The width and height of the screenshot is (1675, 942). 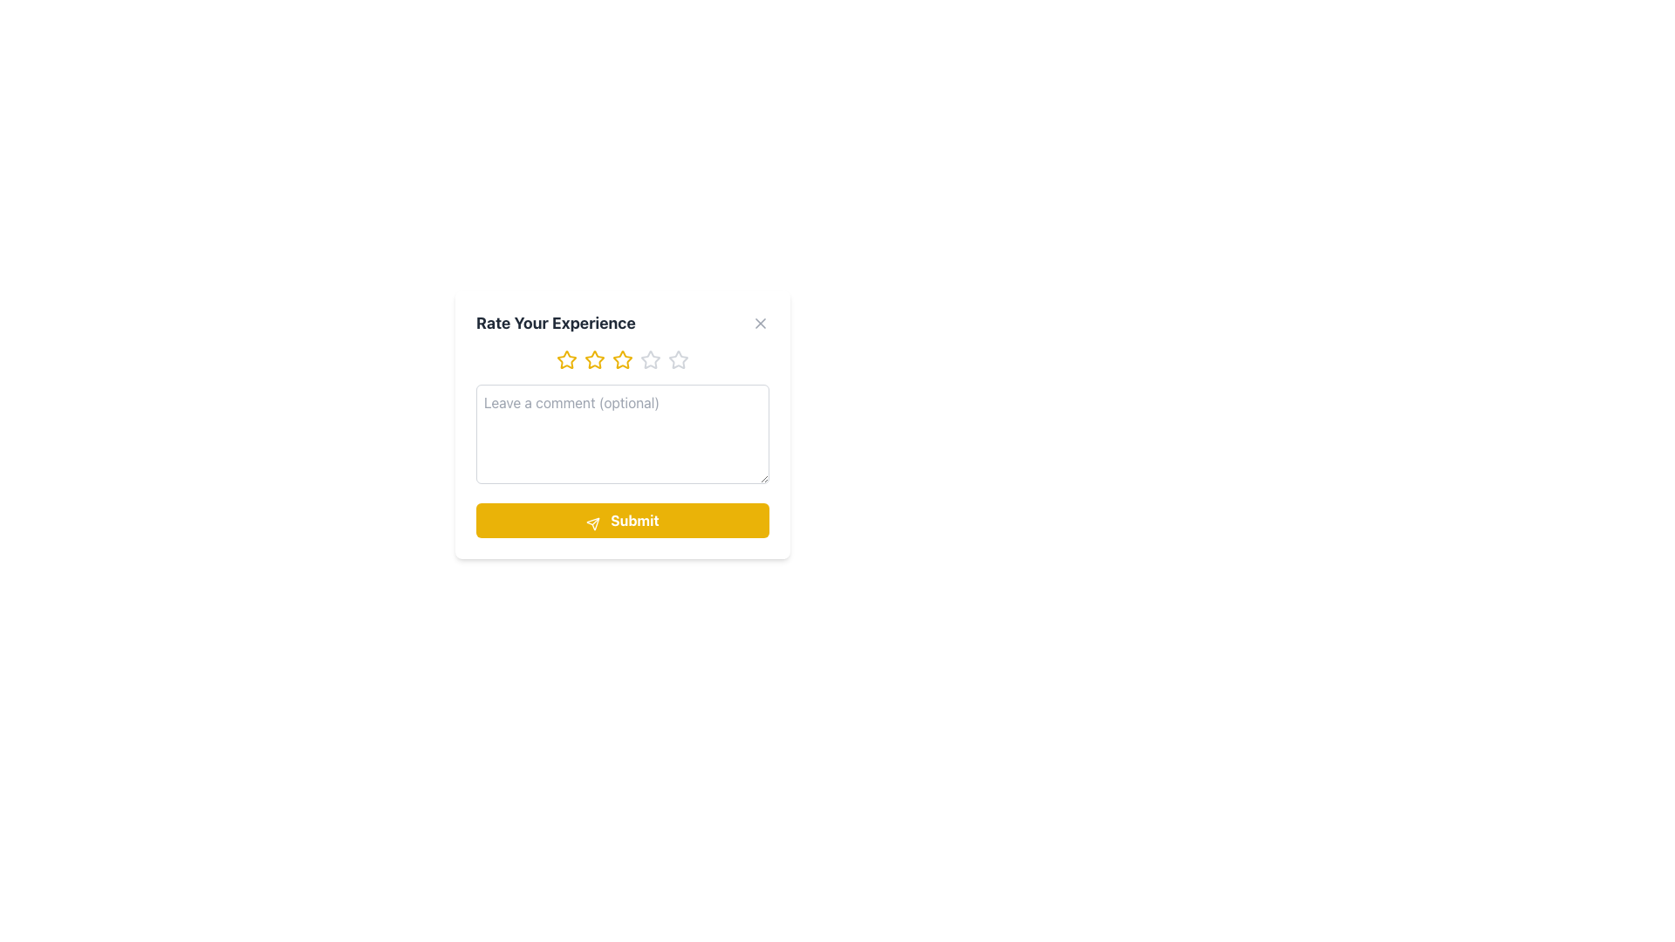 I want to click on the second star in the rating system, so click(x=566, y=358).